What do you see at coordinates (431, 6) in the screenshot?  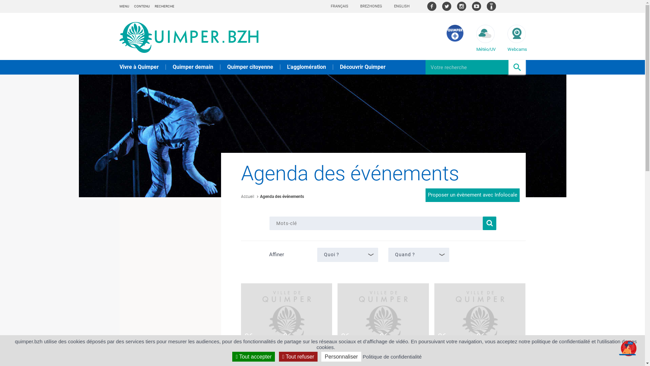 I see `'FACEBOOK'` at bounding box center [431, 6].